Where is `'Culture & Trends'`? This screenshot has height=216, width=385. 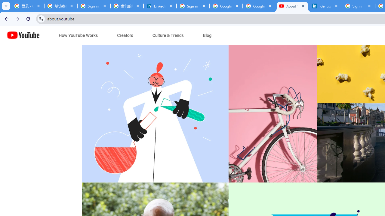 'Culture & Trends' is located at coordinates (168, 35).